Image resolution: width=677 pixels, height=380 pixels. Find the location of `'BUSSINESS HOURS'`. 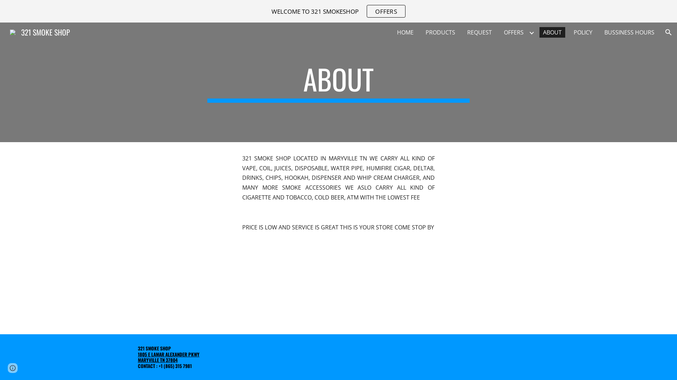

'BUSSINESS HOURS' is located at coordinates (629, 32).